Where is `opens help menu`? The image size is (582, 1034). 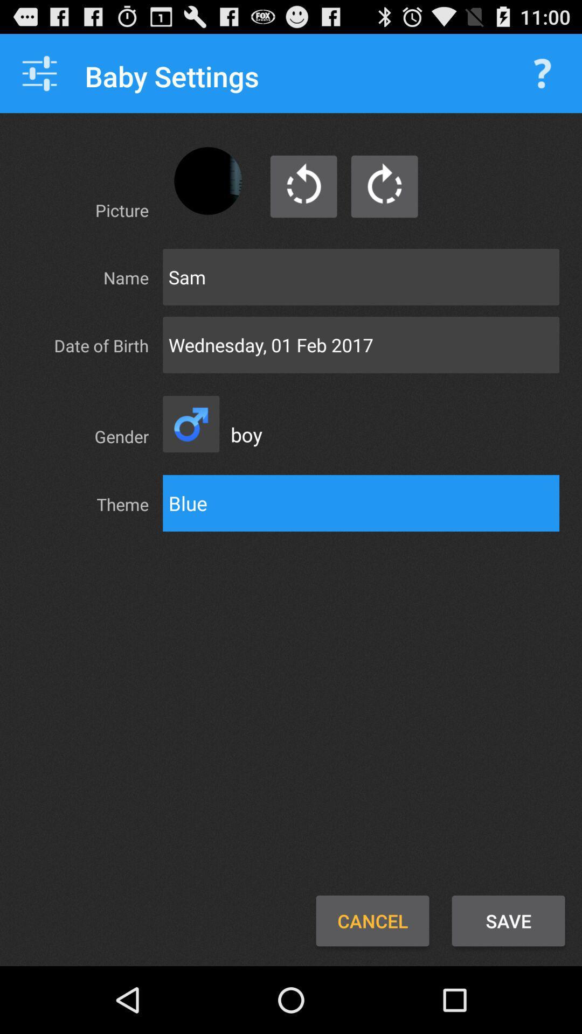 opens help menu is located at coordinates (542, 73).